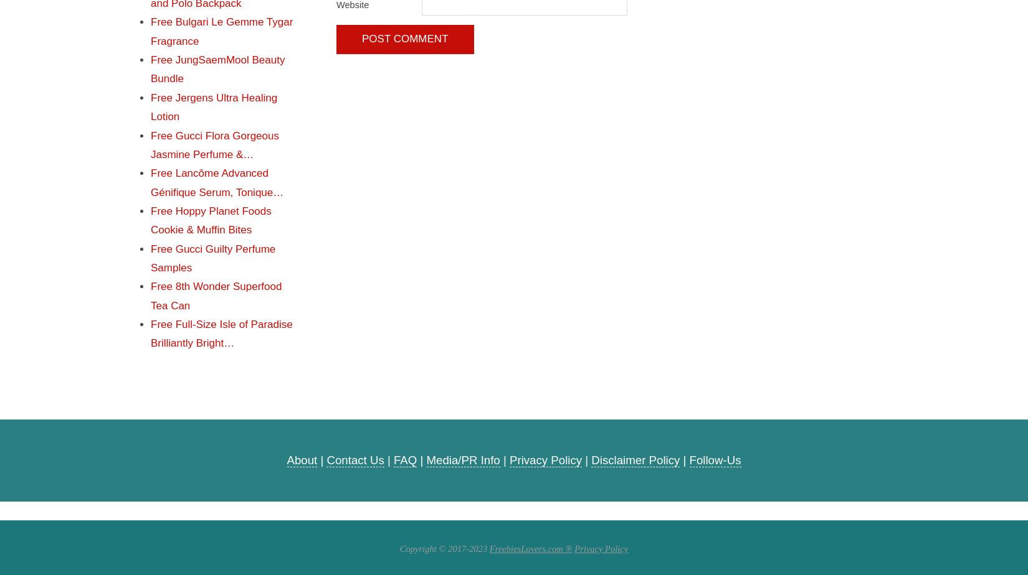  What do you see at coordinates (443, 548) in the screenshot?
I see `'Copyright © 2017-2023'` at bounding box center [443, 548].